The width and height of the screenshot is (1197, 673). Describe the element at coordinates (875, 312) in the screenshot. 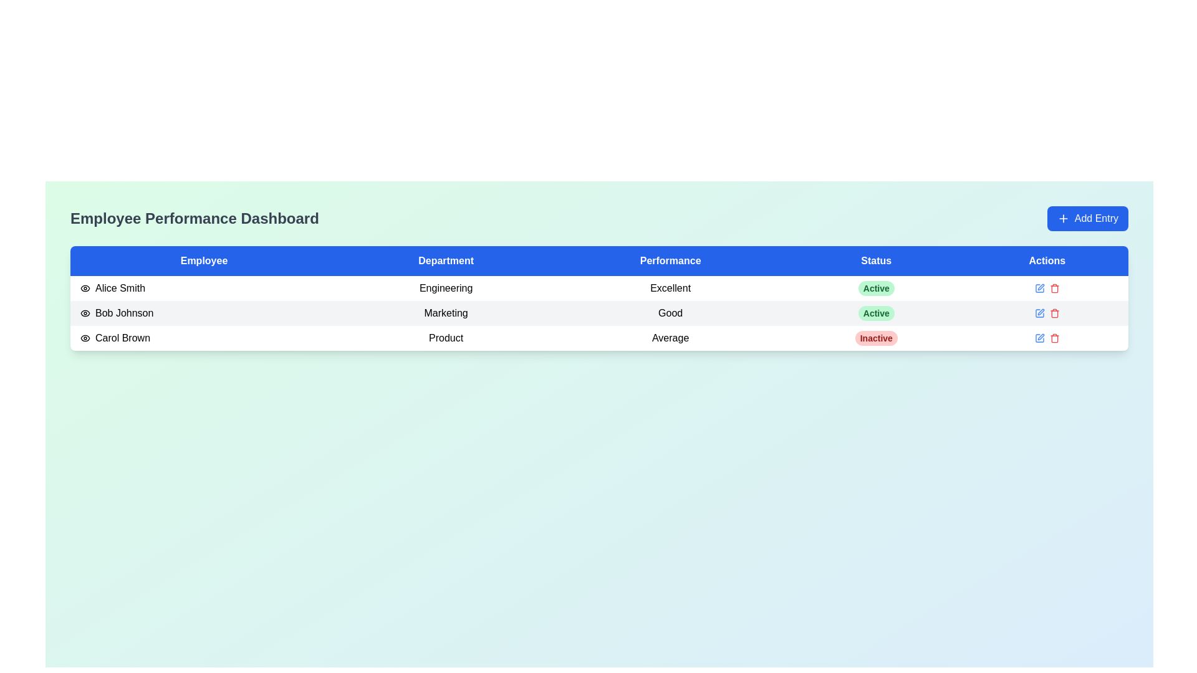

I see `the 'Active' status label in the fourth column of the second row of the user data table, which corresponds to 'Bob Johnson'` at that location.